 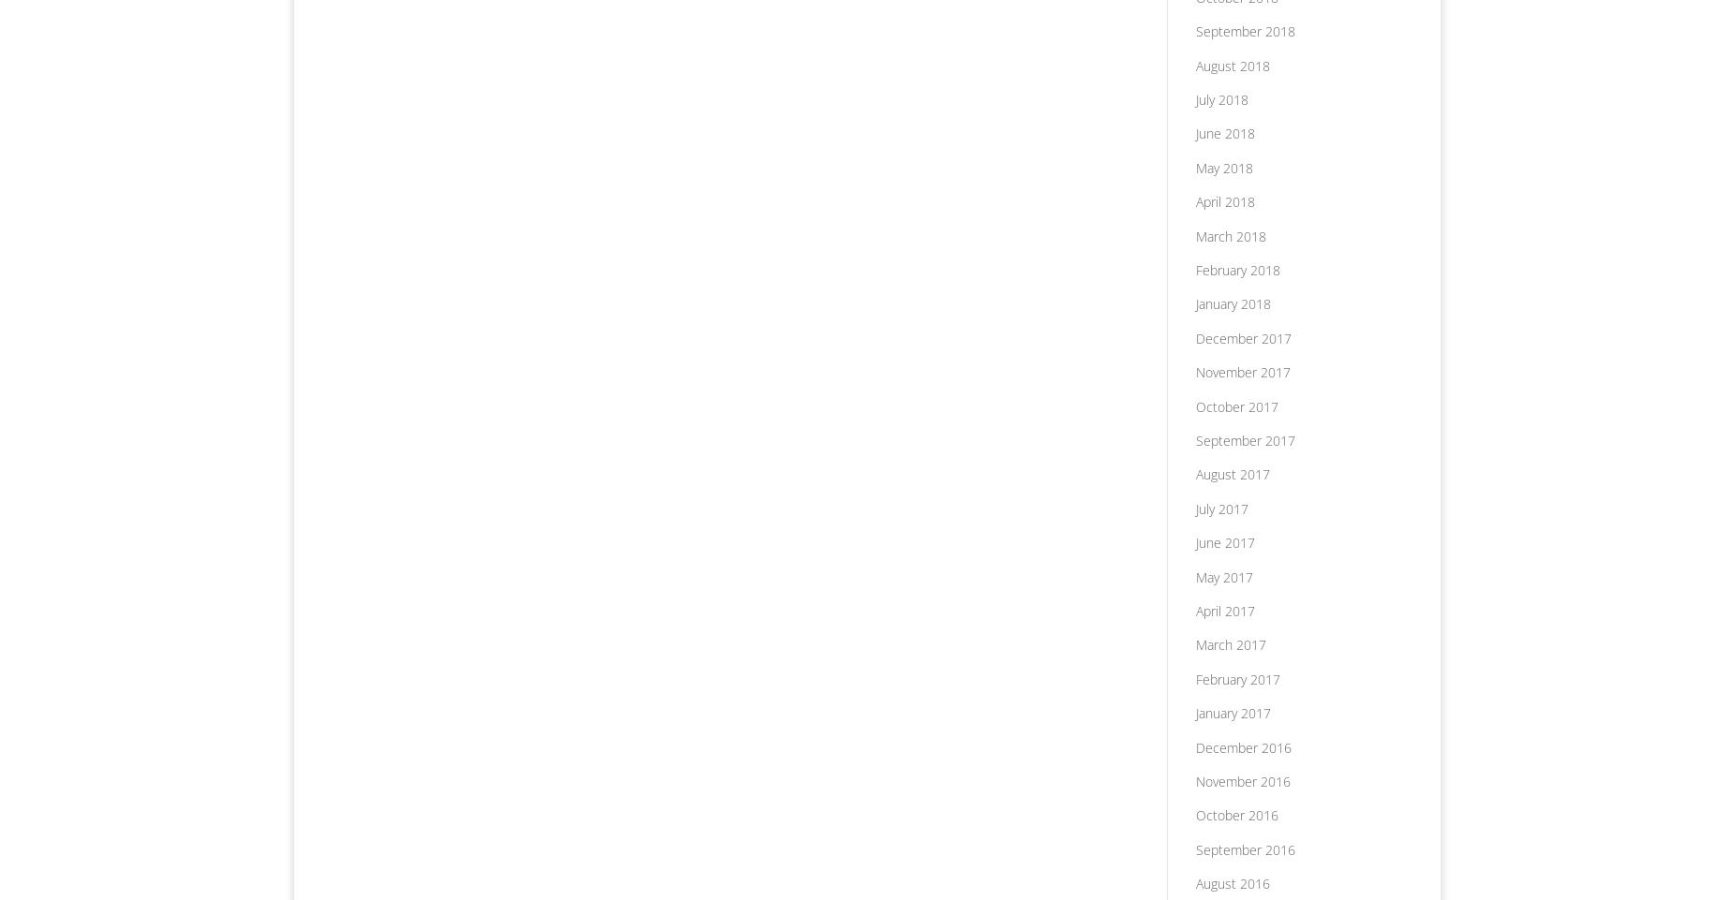 What do you see at coordinates (1242, 336) in the screenshot?
I see `'December 2017'` at bounding box center [1242, 336].